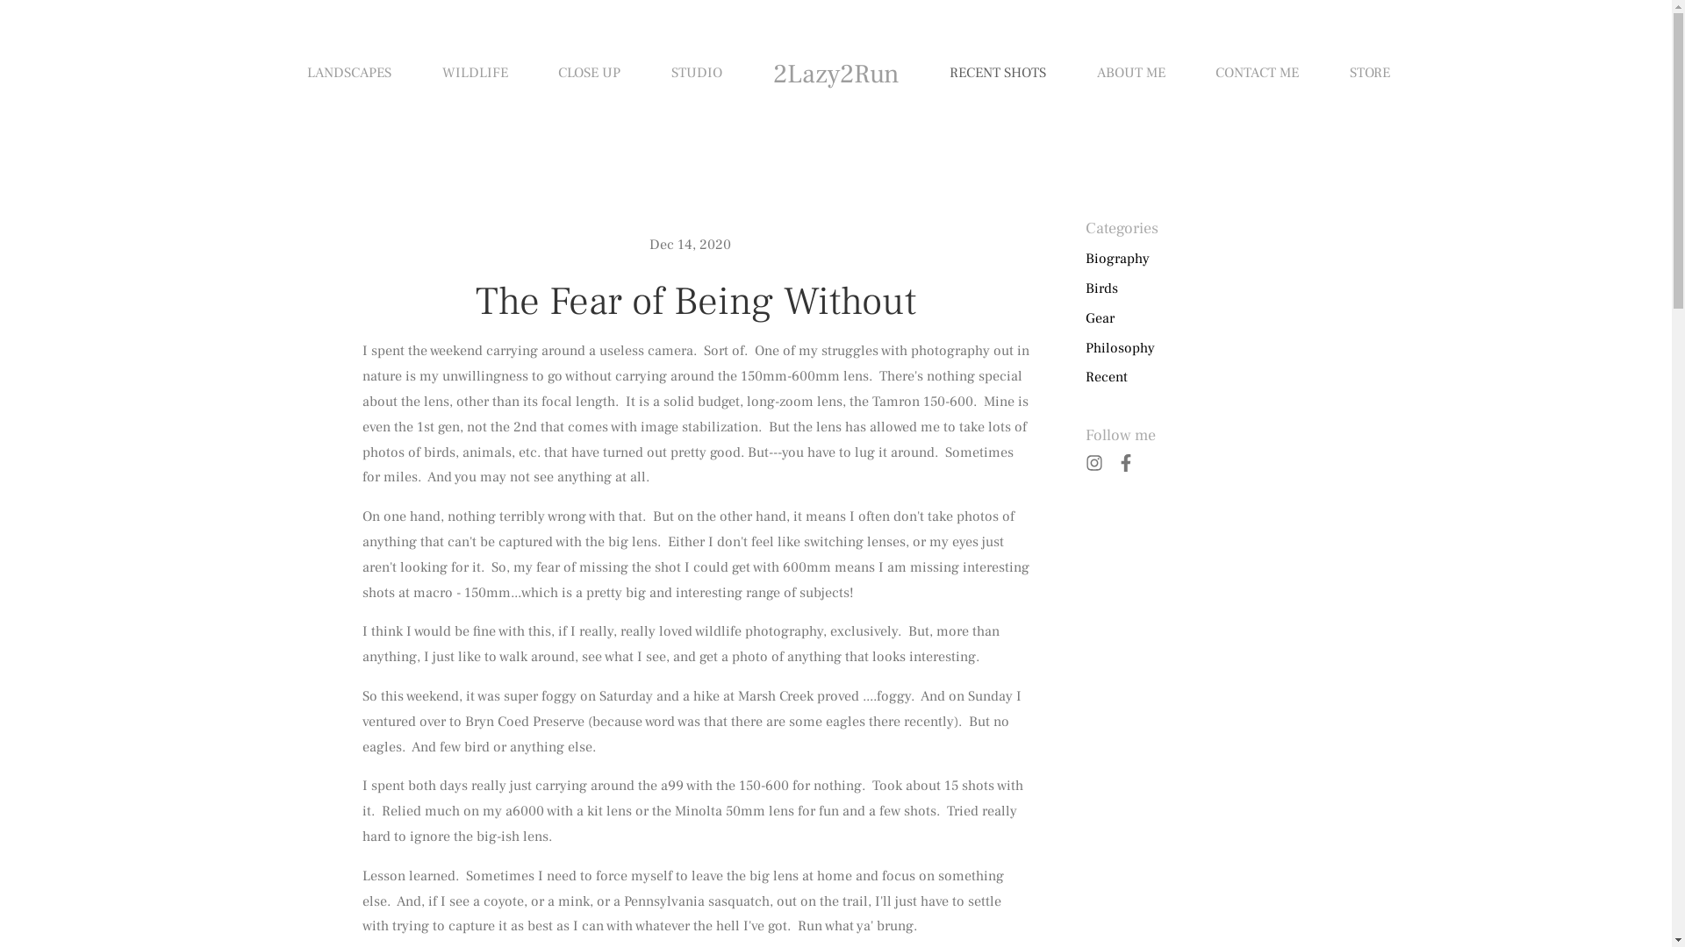  Describe the element at coordinates (670, 73) in the screenshot. I see `'STUDIO'` at that location.